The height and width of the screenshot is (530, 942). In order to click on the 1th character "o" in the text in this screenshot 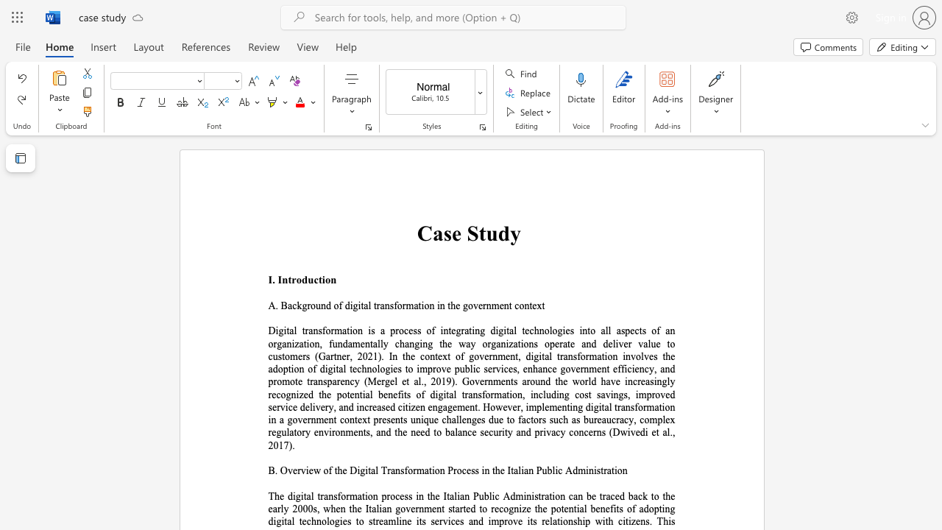, I will do `click(312, 305)`.